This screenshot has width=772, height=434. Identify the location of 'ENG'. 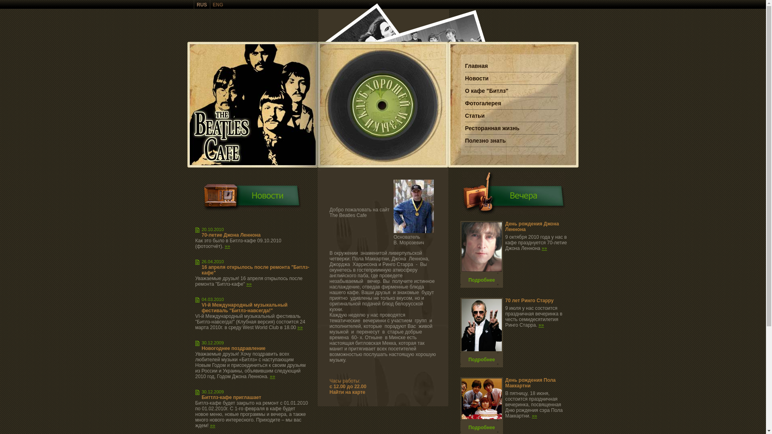
(218, 4).